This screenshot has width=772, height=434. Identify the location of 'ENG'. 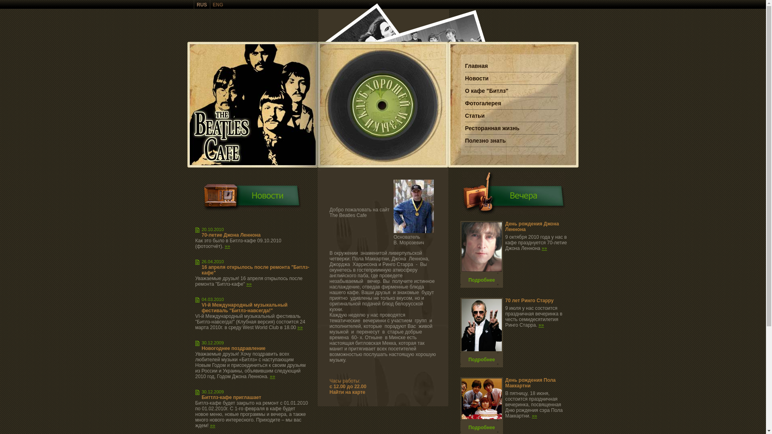
(218, 4).